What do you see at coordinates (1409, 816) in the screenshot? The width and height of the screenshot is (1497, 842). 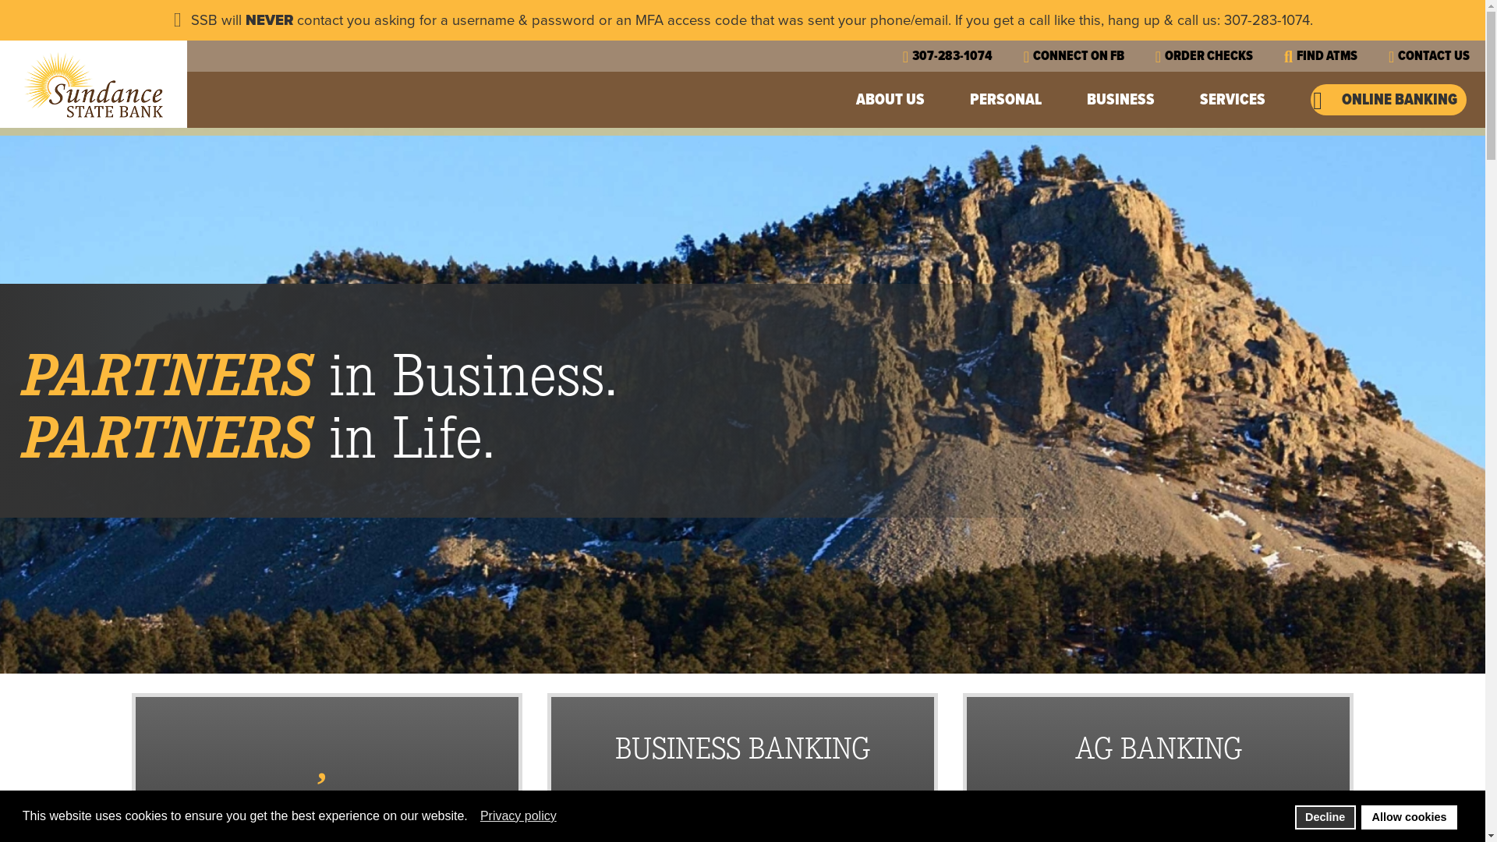 I see `'Allow cookies'` at bounding box center [1409, 816].